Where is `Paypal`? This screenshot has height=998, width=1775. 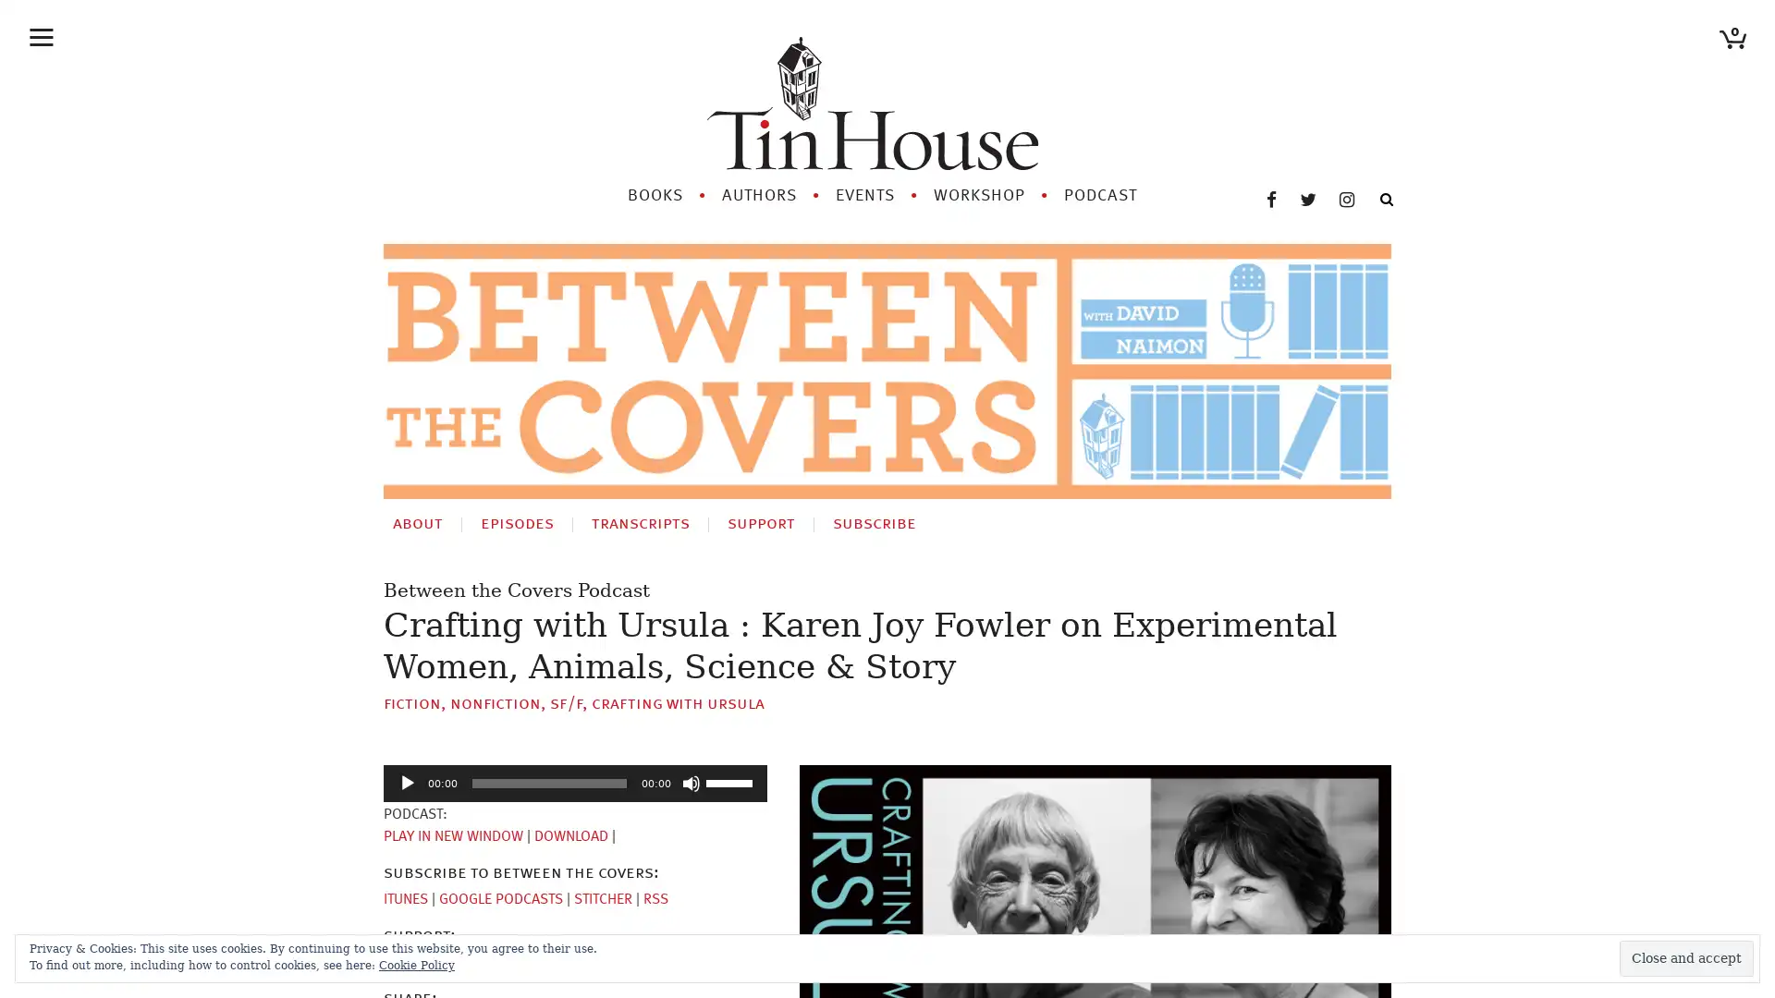
Paypal is located at coordinates (473, 961).